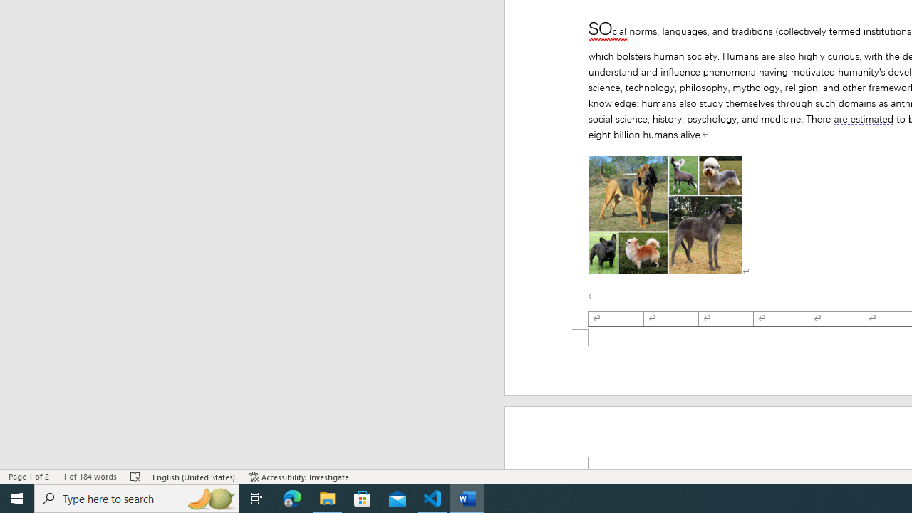 The width and height of the screenshot is (912, 513). Describe the element at coordinates (467, 497) in the screenshot. I see `'Word - 1 running window'` at that location.